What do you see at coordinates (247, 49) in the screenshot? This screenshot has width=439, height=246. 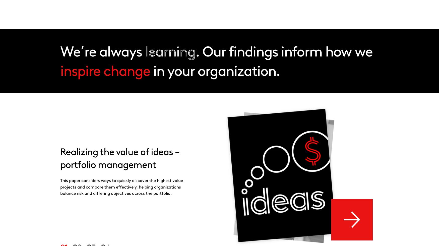 I see `'Press Releases'` at bounding box center [247, 49].